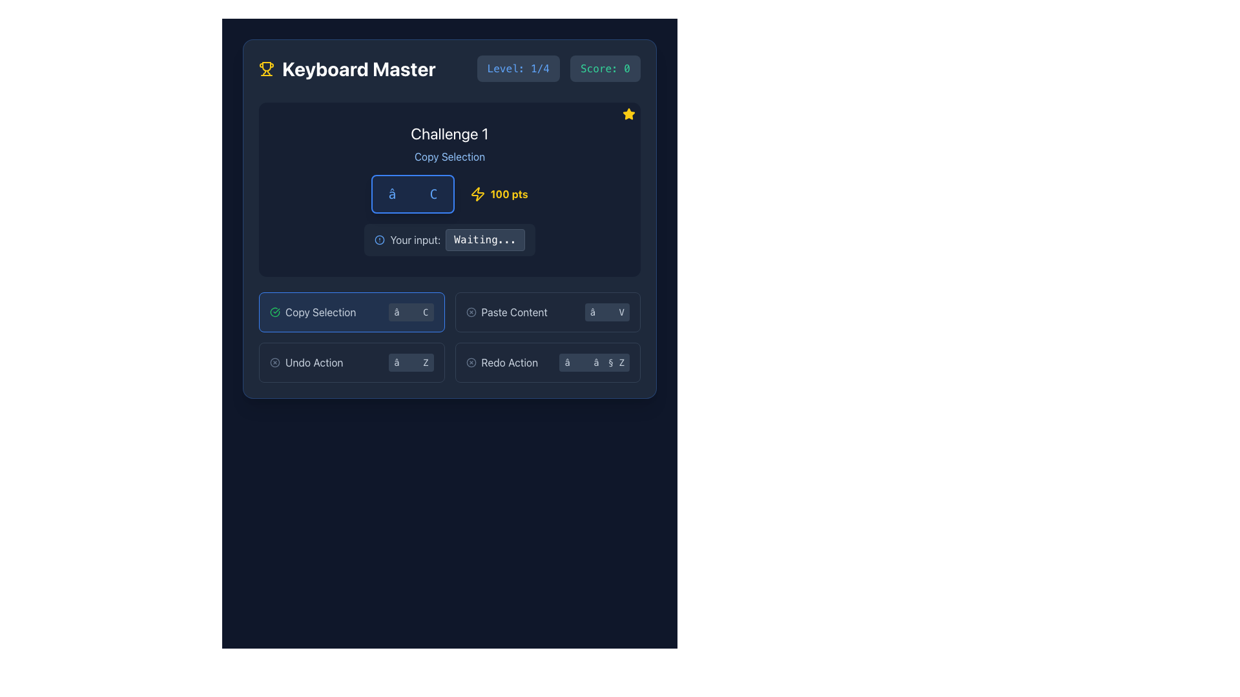 The height and width of the screenshot is (697, 1240). What do you see at coordinates (470, 363) in the screenshot?
I see `the circular icon with a border located at the upper-right corner of the 'Keyboard Master' panel` at bounding box center [470, 363].